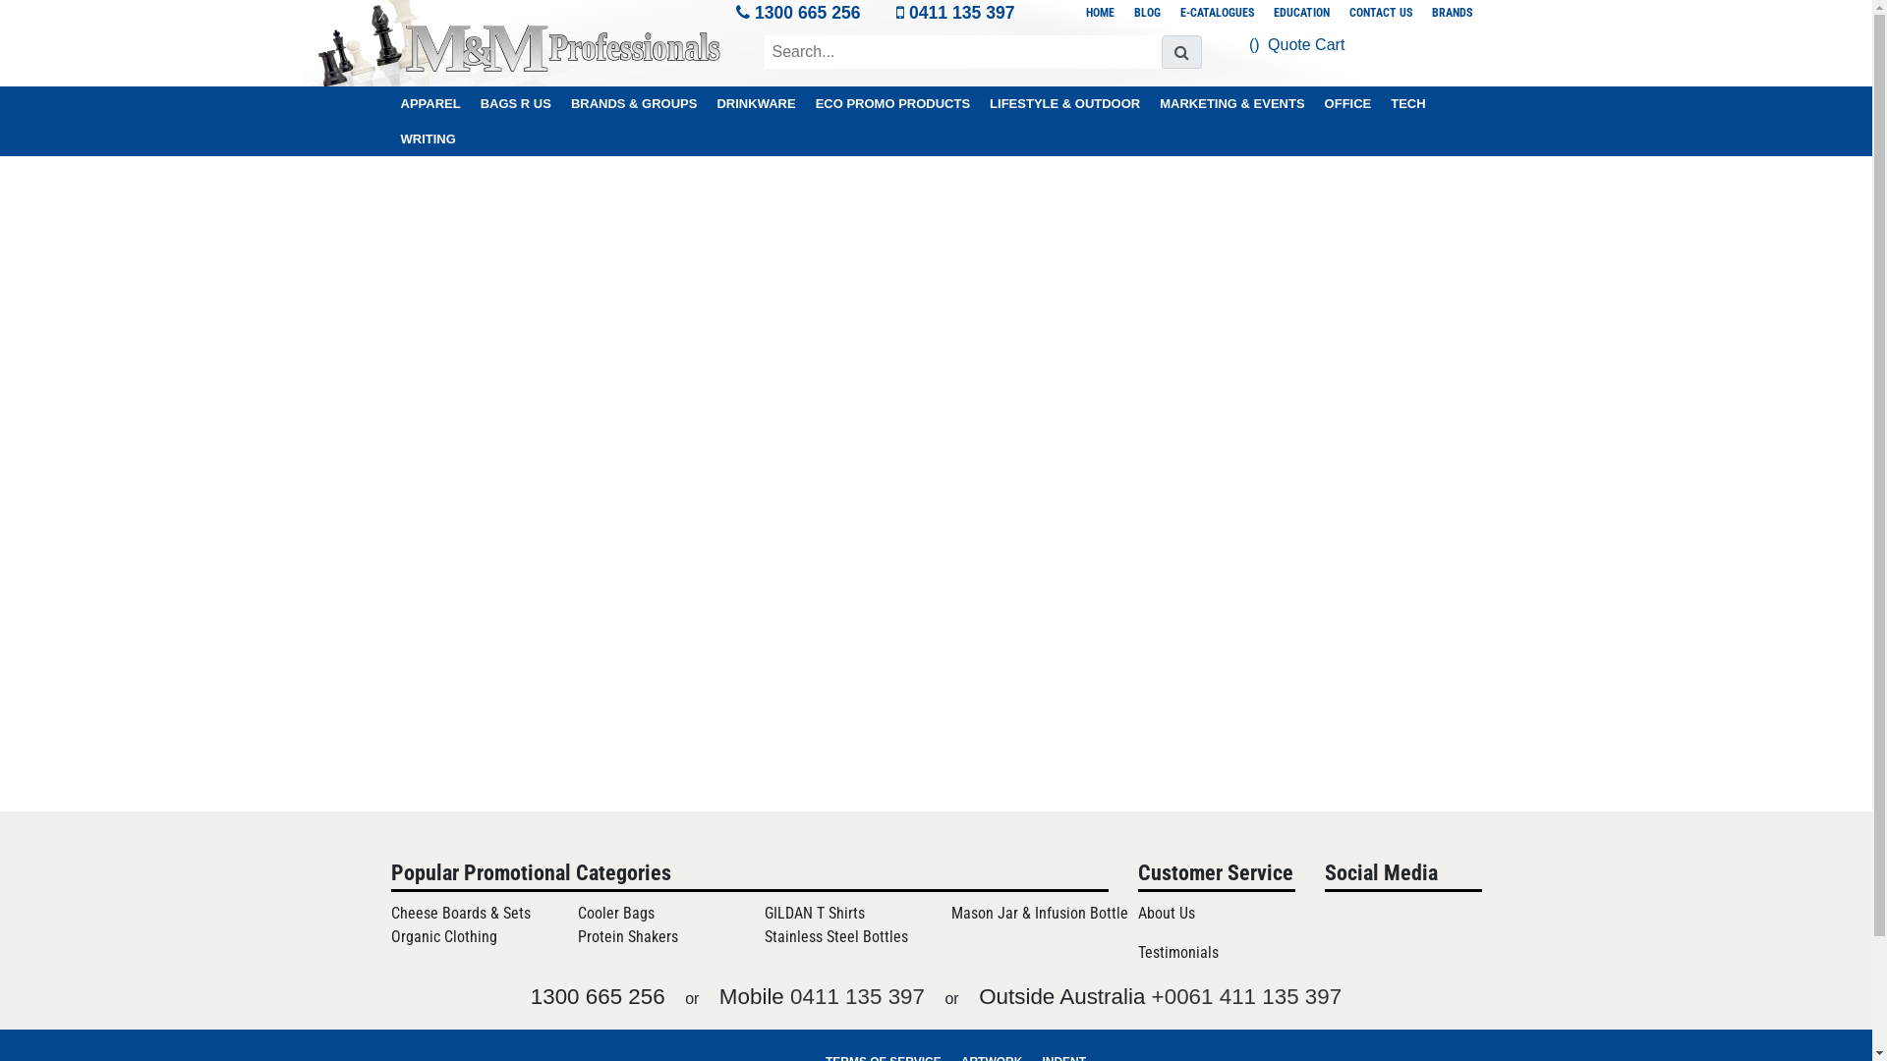 The image size is (1887, 1061). I want to click on 'EDUCATION', so click(1301, 12).